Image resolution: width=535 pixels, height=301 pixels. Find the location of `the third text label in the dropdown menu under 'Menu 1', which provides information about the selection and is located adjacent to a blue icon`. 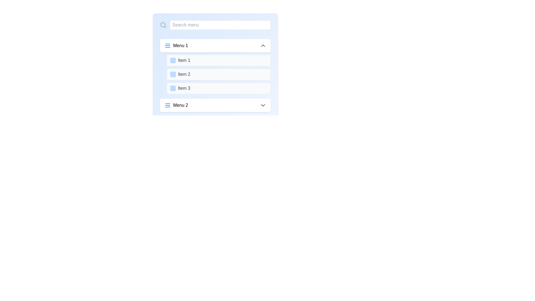

the third text label in the dropdown menu under 'Menu 1', which provides information about the selection and is located adjacent to a blue icon is located at coordinates (184, 88).